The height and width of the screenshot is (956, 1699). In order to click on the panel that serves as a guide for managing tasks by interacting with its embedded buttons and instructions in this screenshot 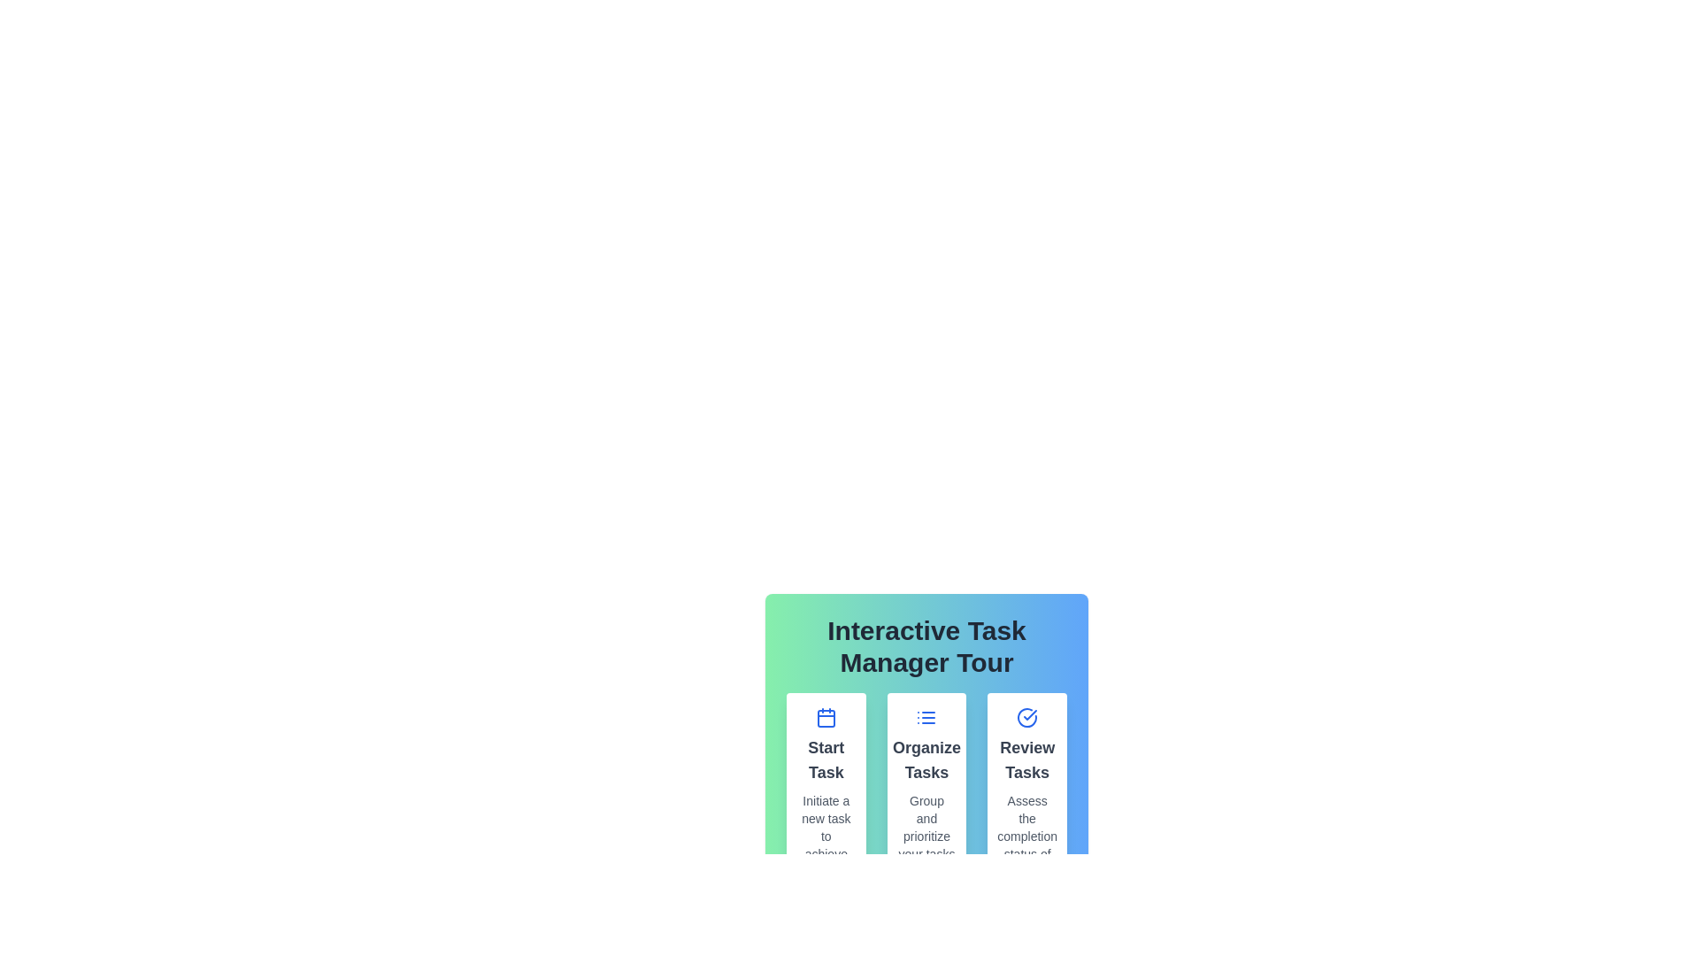, I will do `click(926, 713)`.